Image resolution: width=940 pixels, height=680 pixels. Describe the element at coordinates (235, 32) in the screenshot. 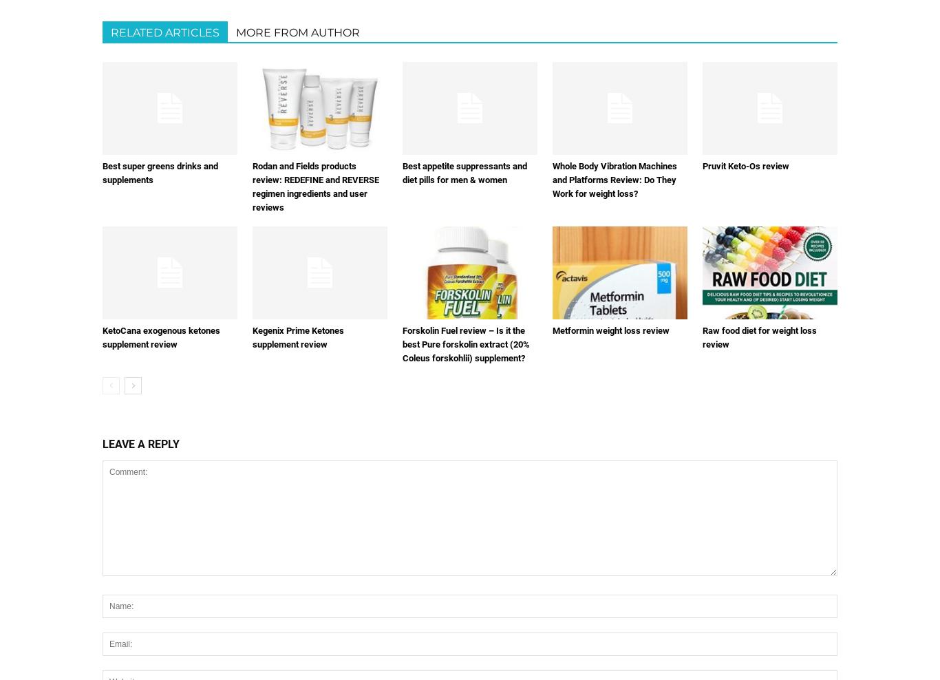

I see `'MORE FROM AUTHOR'` at that location.